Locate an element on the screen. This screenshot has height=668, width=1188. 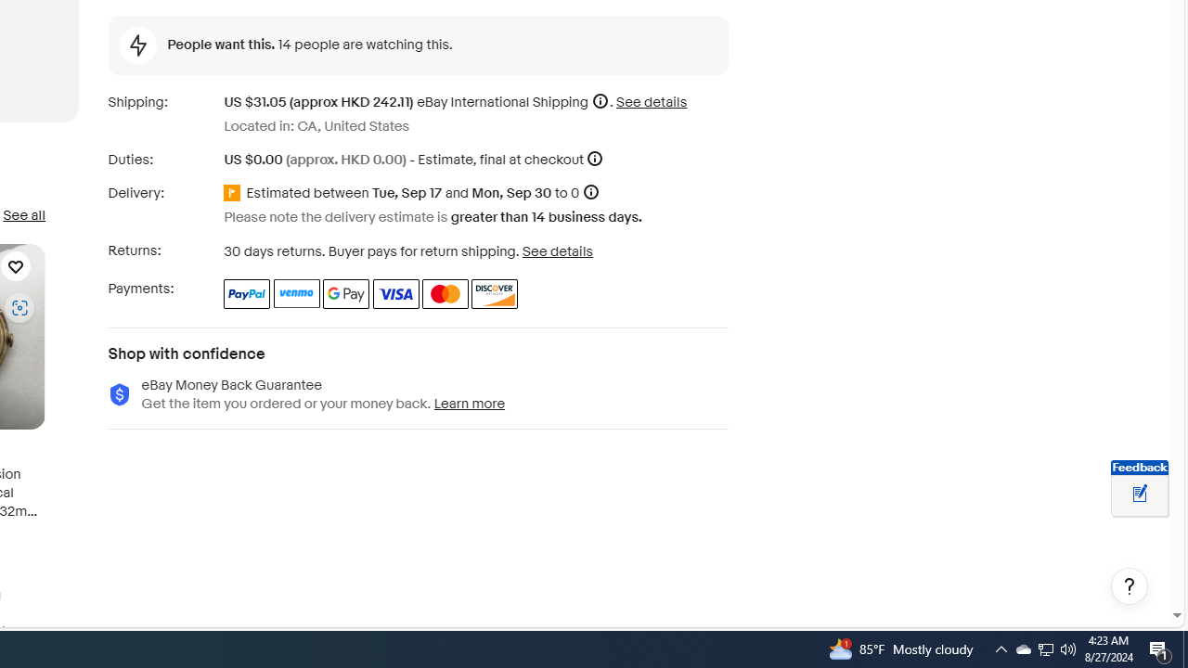
'Master Card' is located at coordinates (445, 292).